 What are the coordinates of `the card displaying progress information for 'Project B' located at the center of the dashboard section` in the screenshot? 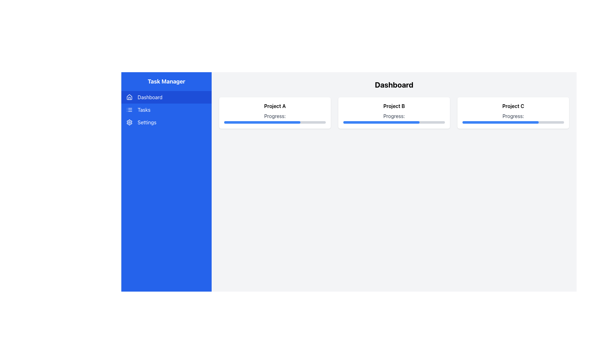 It's located at (394, 112).